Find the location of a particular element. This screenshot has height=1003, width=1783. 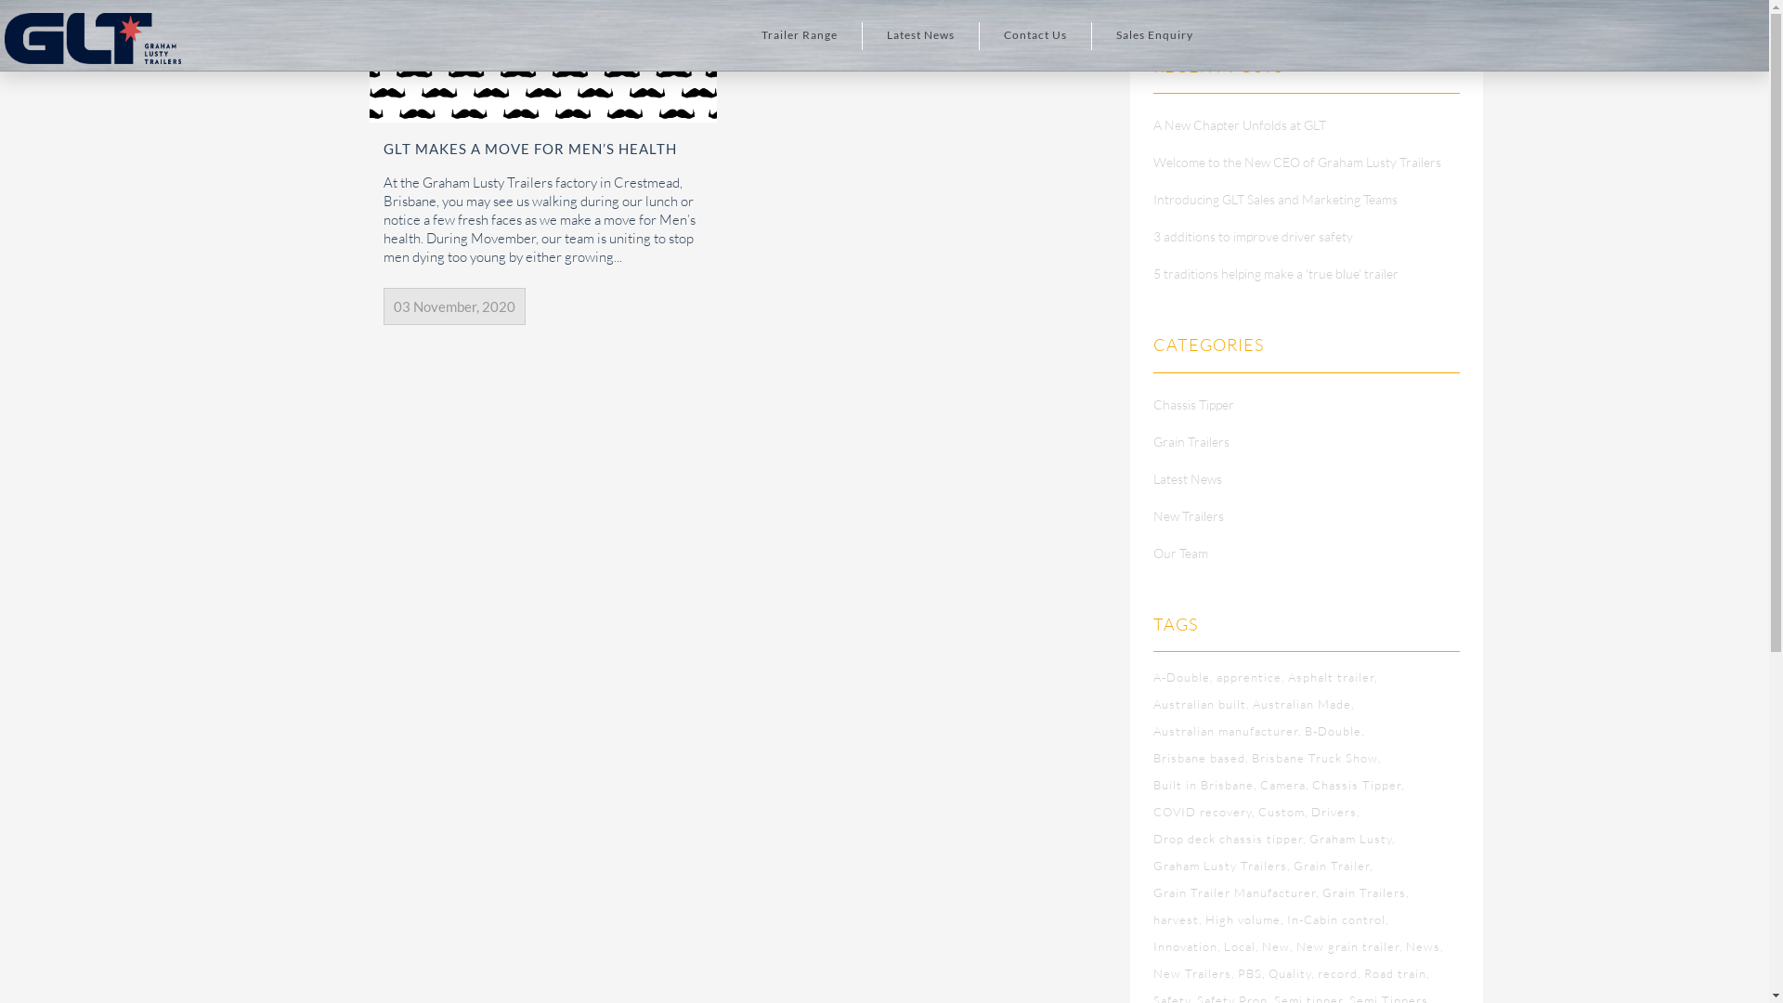

'High volume' is located at coordinates (1244, 919).